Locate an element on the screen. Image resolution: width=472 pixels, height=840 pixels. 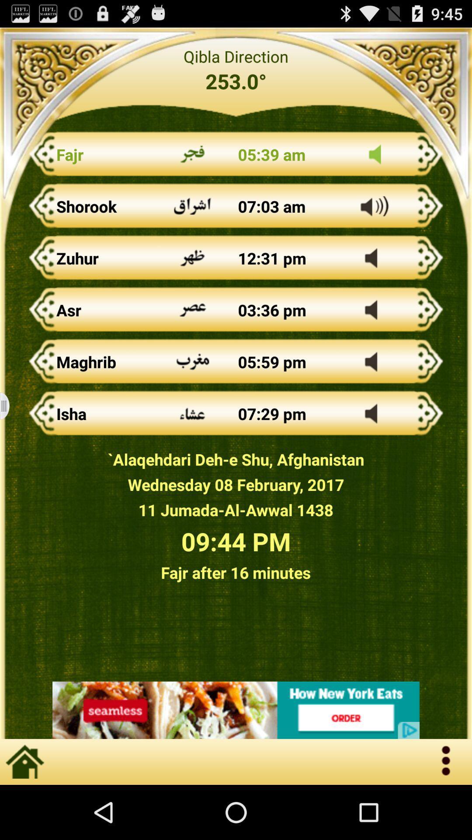
goto previous window is located at coordinates (10, 406).